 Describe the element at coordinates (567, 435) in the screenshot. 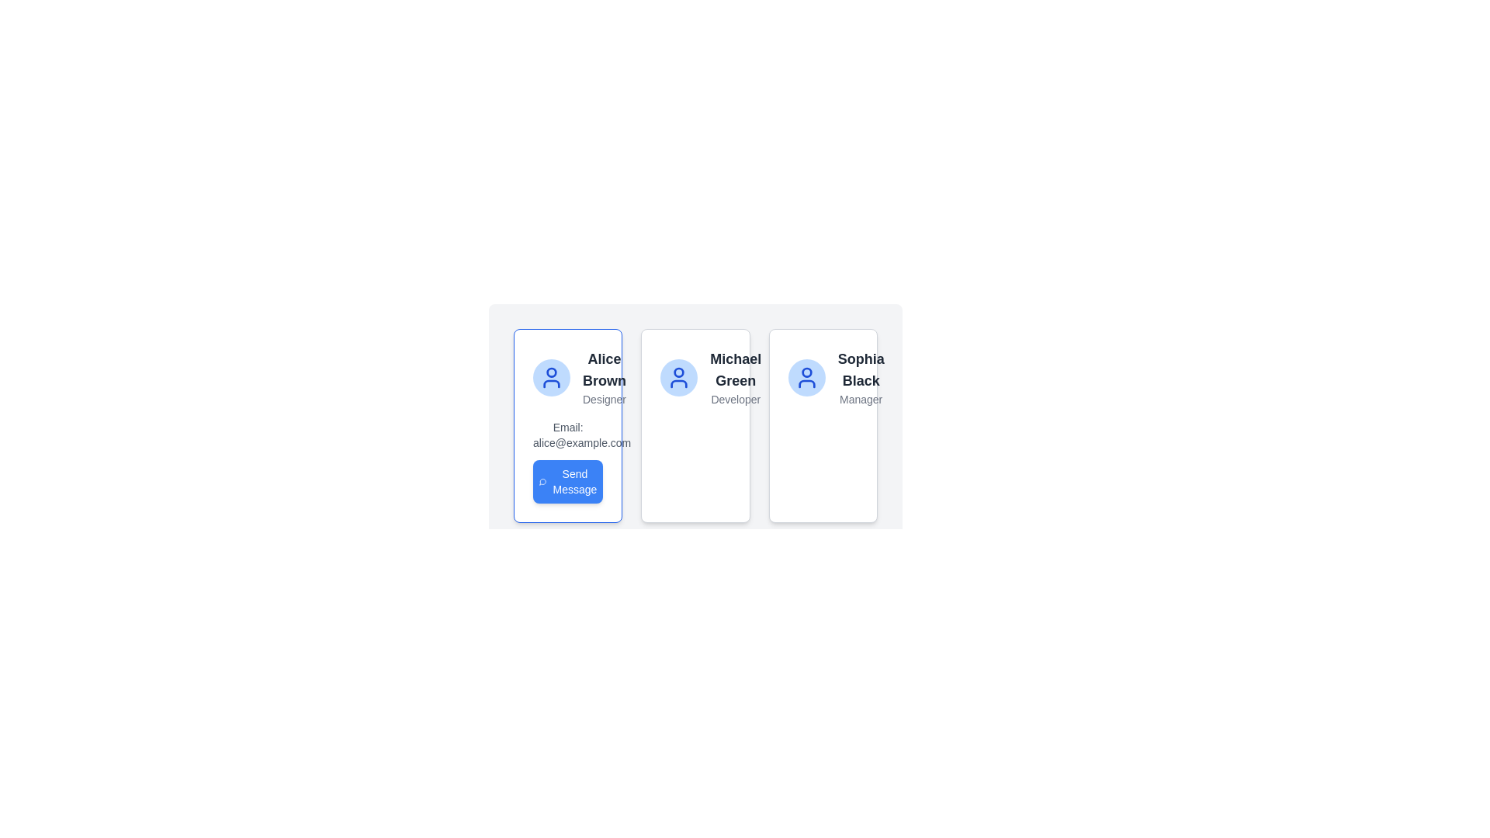

I see `the email address text element displayed above the 'Send Message' button in the user profile card` at that location.